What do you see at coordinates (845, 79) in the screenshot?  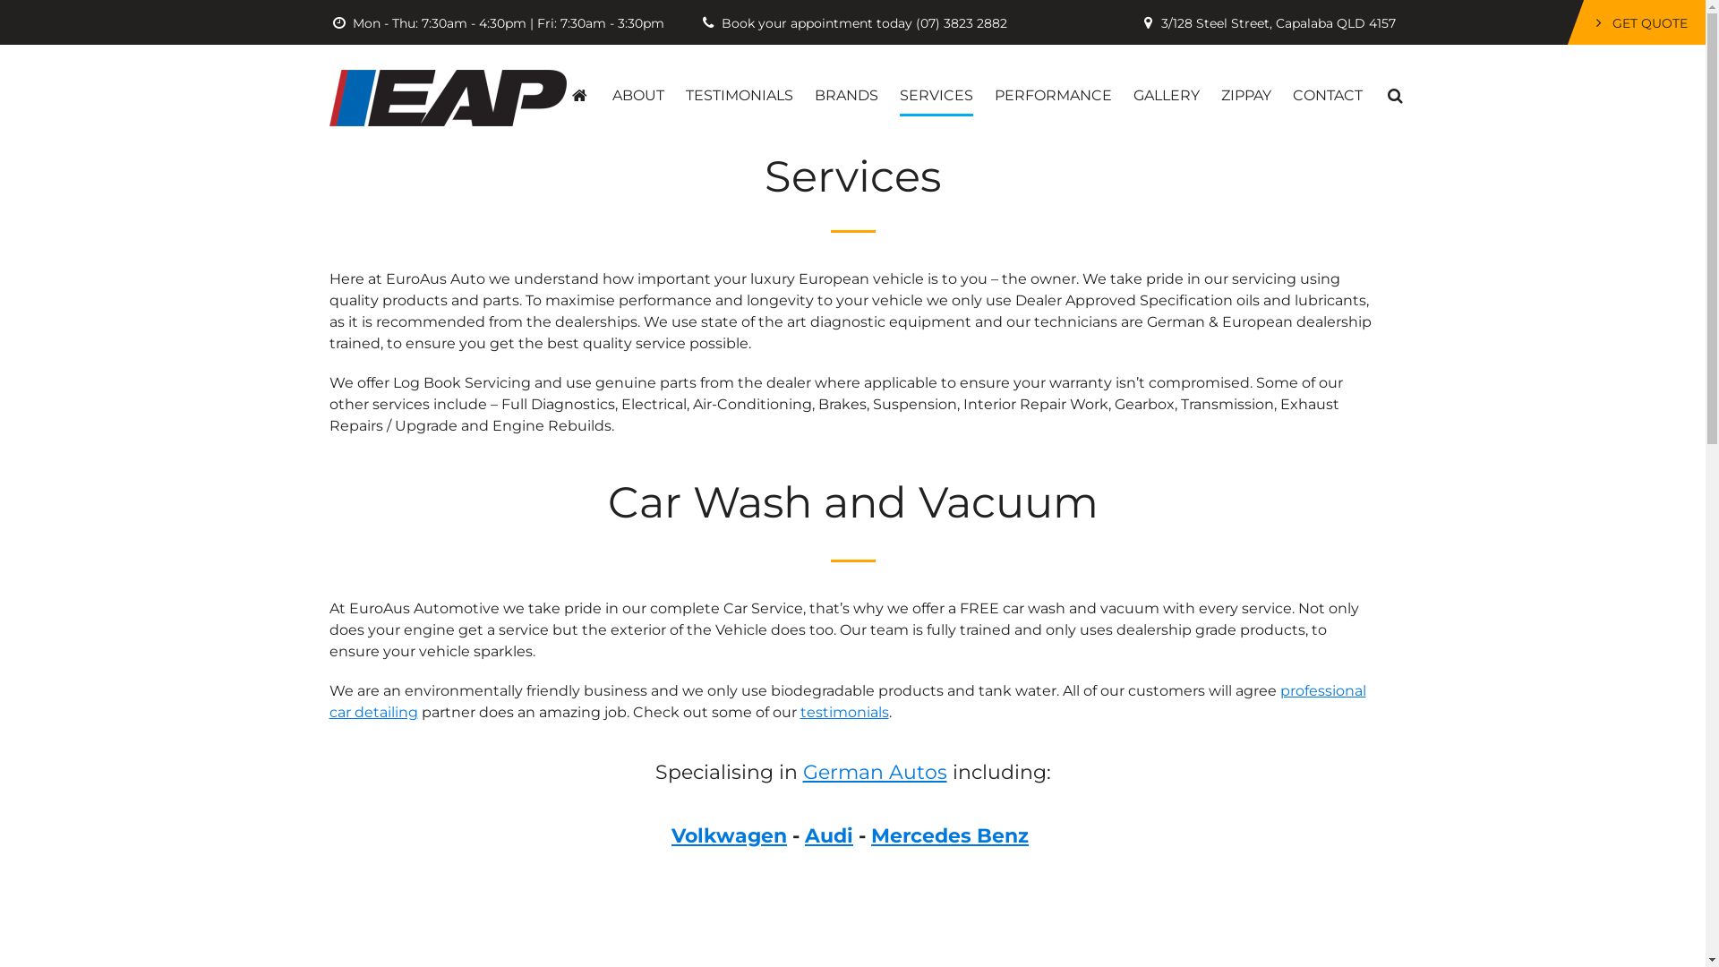 I see `'BRANDS'` at bounding box center [845, 79].